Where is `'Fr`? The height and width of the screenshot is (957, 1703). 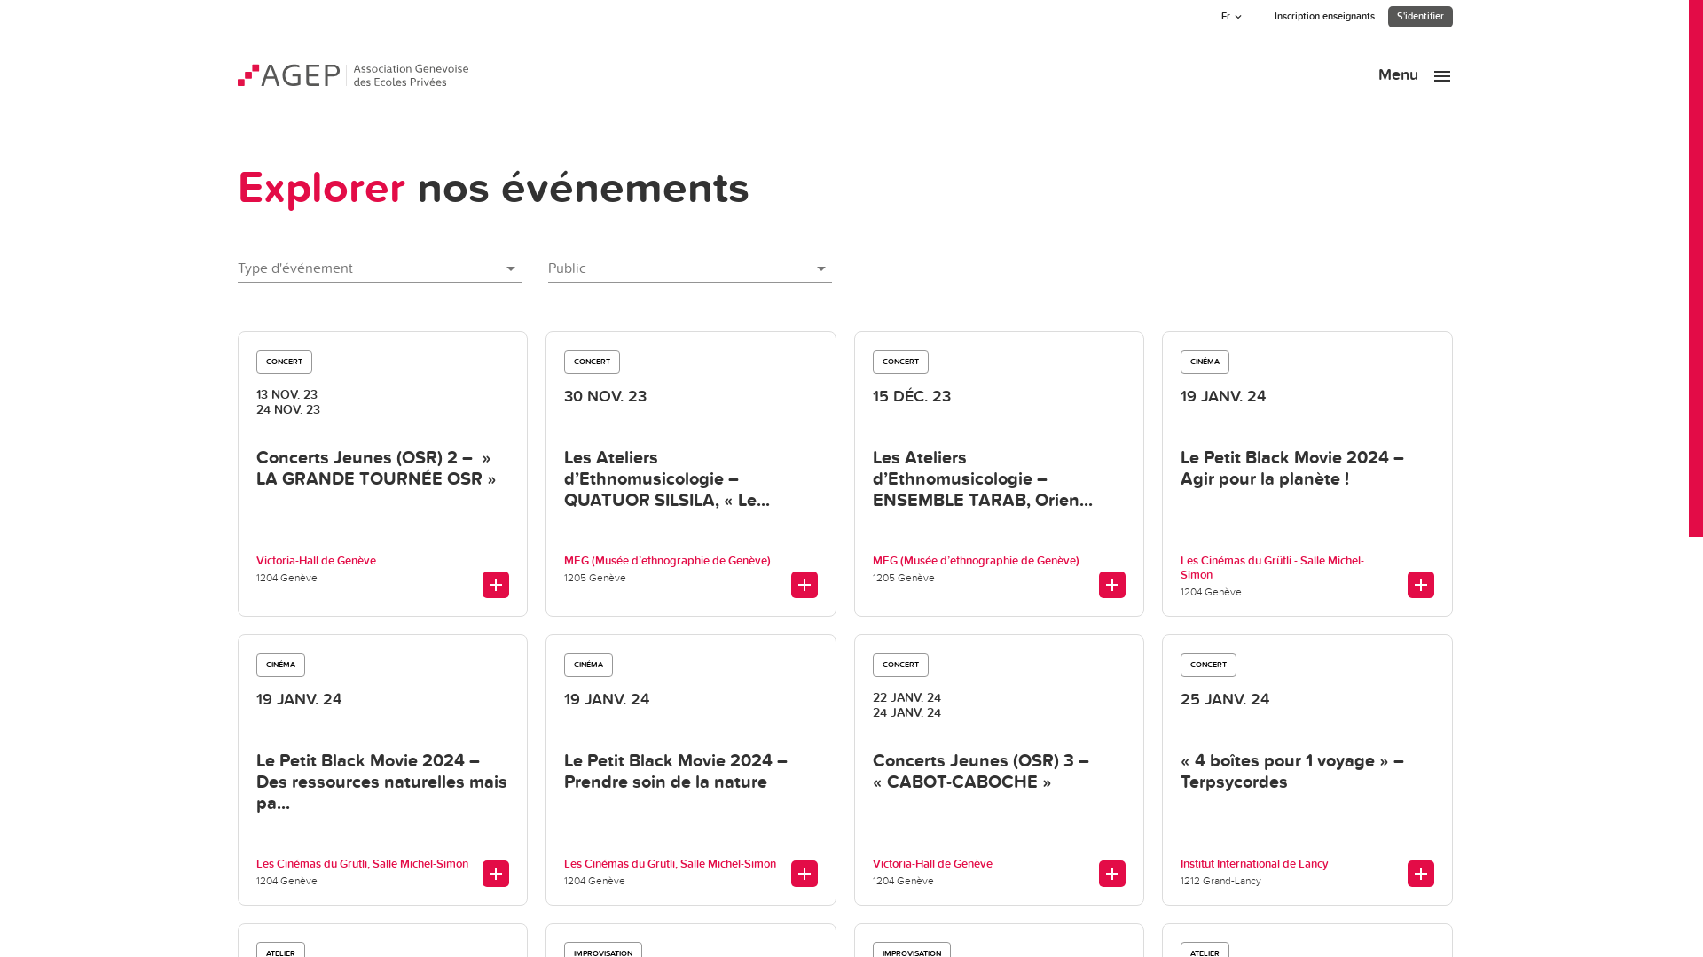
'Fr is located at coordinates (1232, 17).